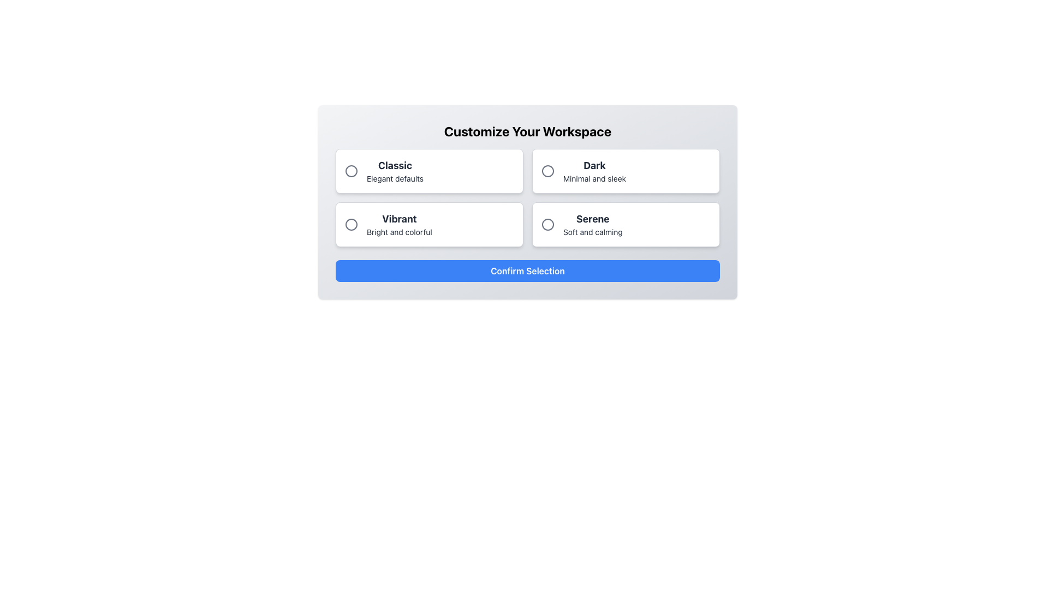  Describe the element at coordinates (594, 166) in the screenshot. I see `the 'Dark' theme title text label, which is positioned in the second option of the theme selection grid, above 'Vibrant' and to the right of 'Classic'` at that location.